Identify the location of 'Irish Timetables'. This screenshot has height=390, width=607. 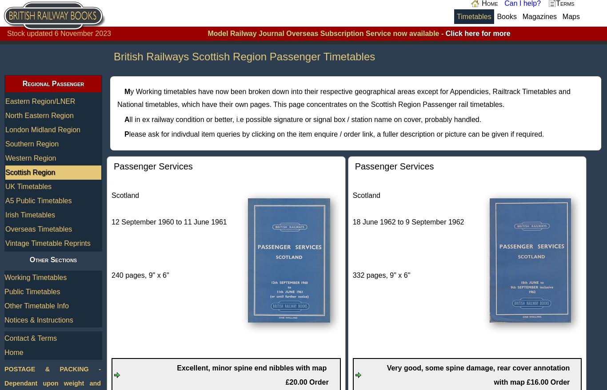
(30, 214).